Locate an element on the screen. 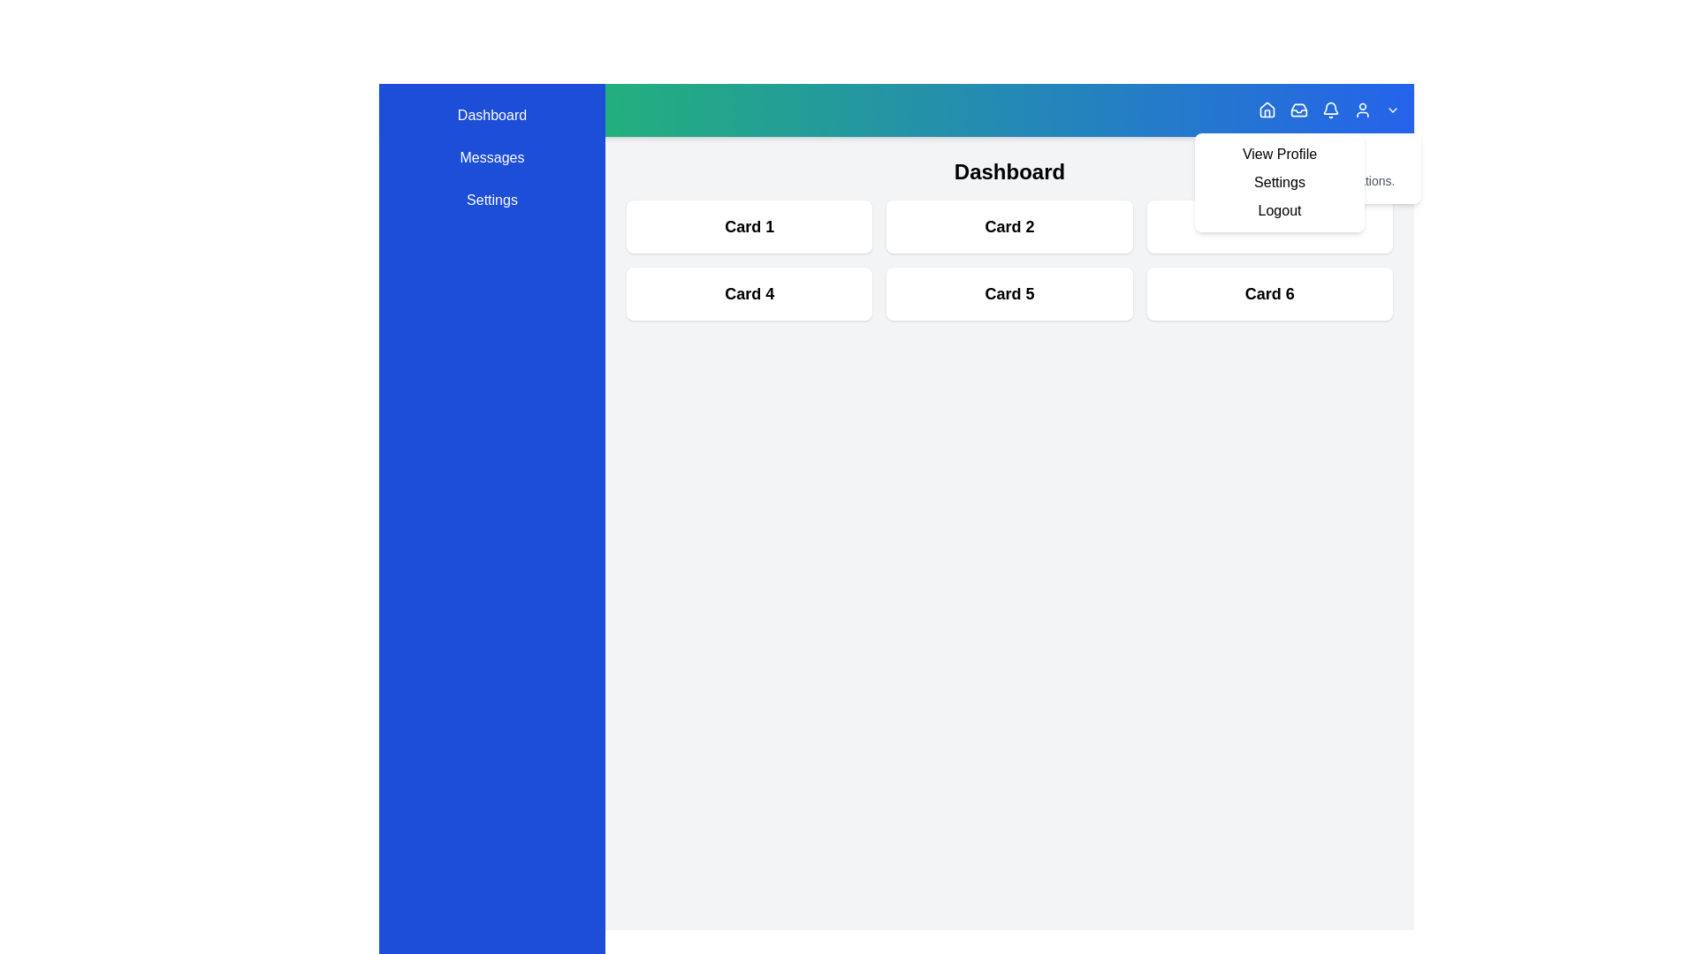  the second navigation item in the fixed-width blue sidebar, which leads to the messages section is located at coordinates (491, 156).